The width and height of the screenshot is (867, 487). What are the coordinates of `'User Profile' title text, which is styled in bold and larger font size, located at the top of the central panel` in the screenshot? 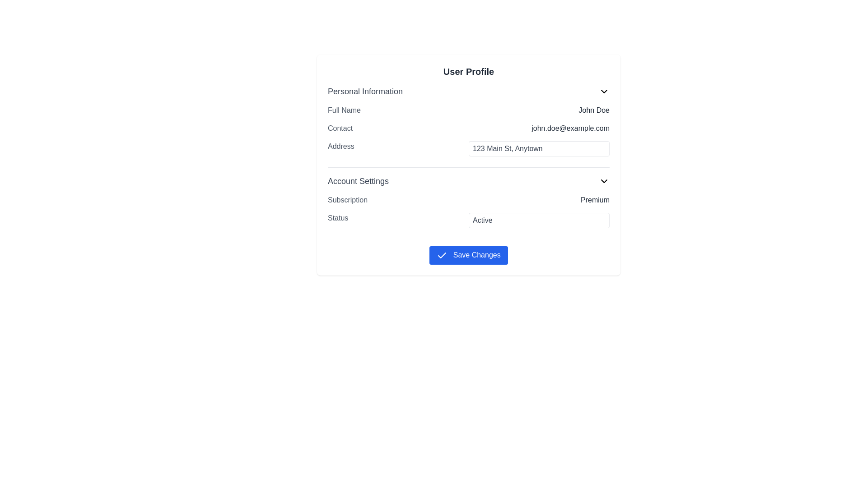 It's located at (468, 71).